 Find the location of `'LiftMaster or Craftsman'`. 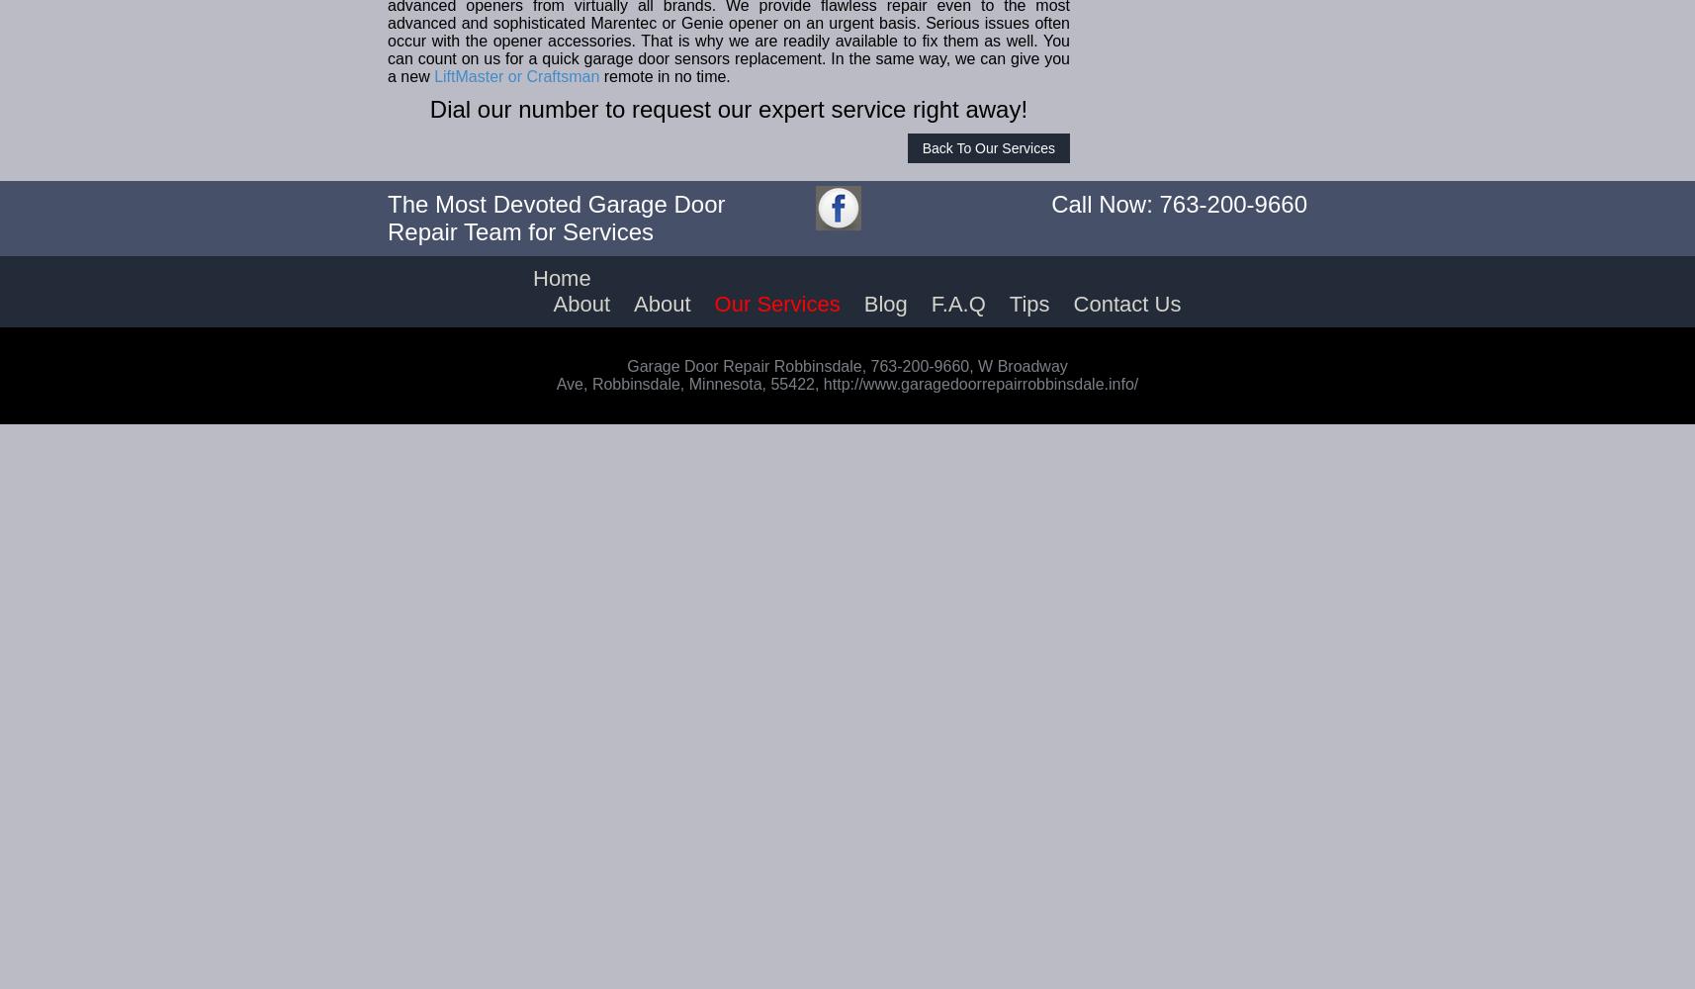

'LiftMaster or Craftsman' is located at coordinates (516, 75).